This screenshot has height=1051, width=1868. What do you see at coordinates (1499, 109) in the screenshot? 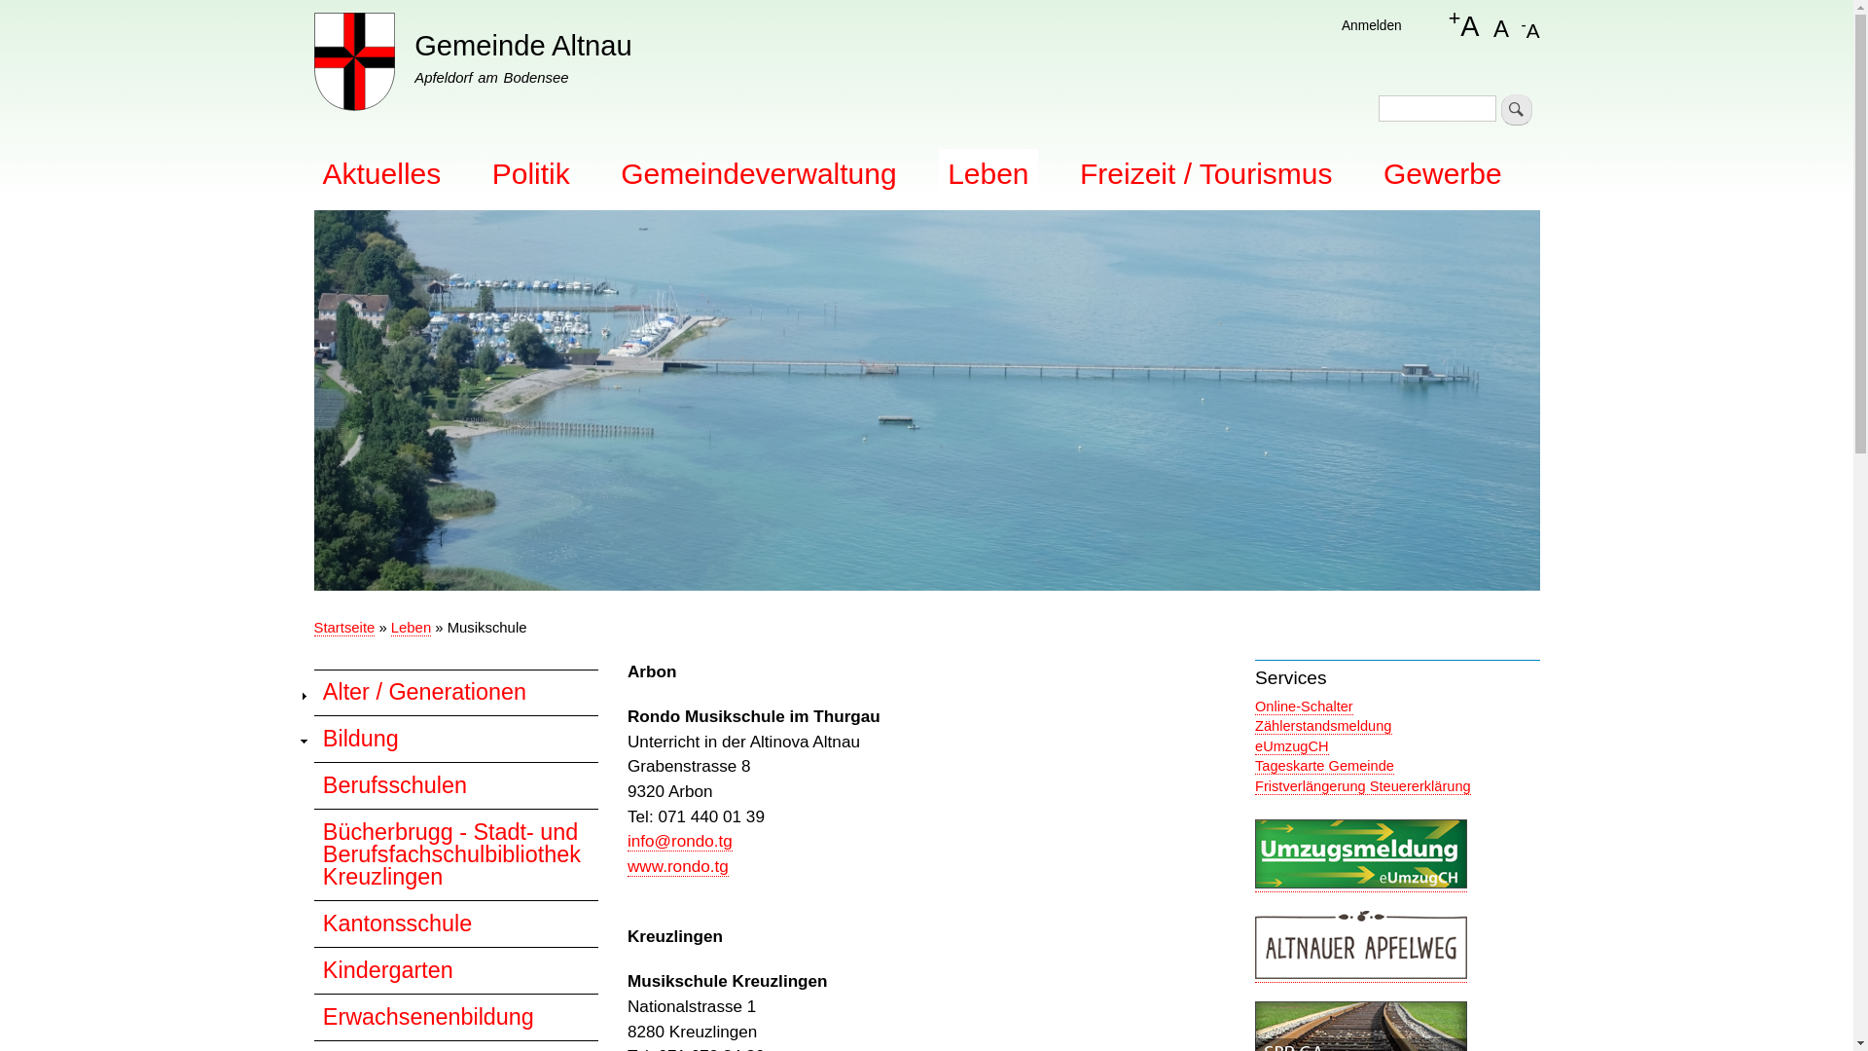
I see `'Suche'` at bounding box center [1499, 109].